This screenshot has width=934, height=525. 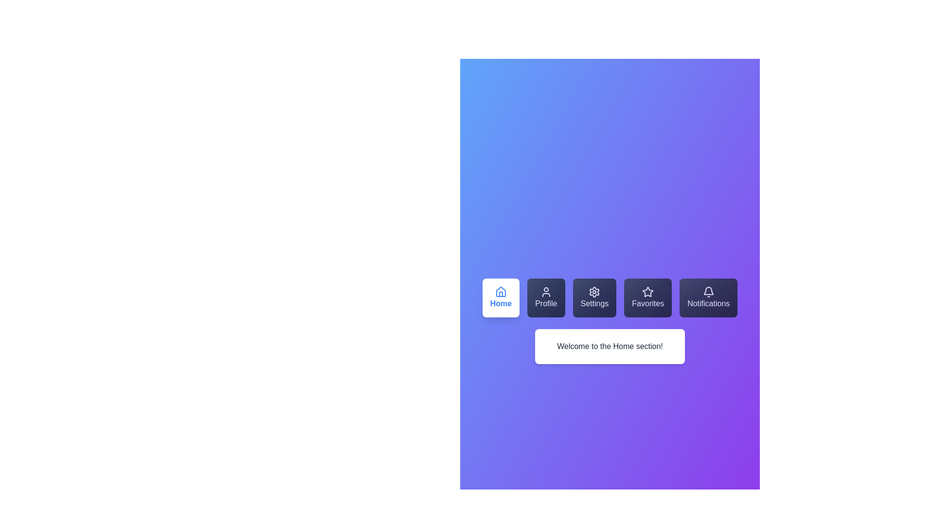 What do you see at coordinates (609, 346) in the screenshot?
I see `the Static Text Block that displays 'Welcome to the Home section!' which is located below the row of interactive buttons in a centered position` at bounding box center [609, 346].